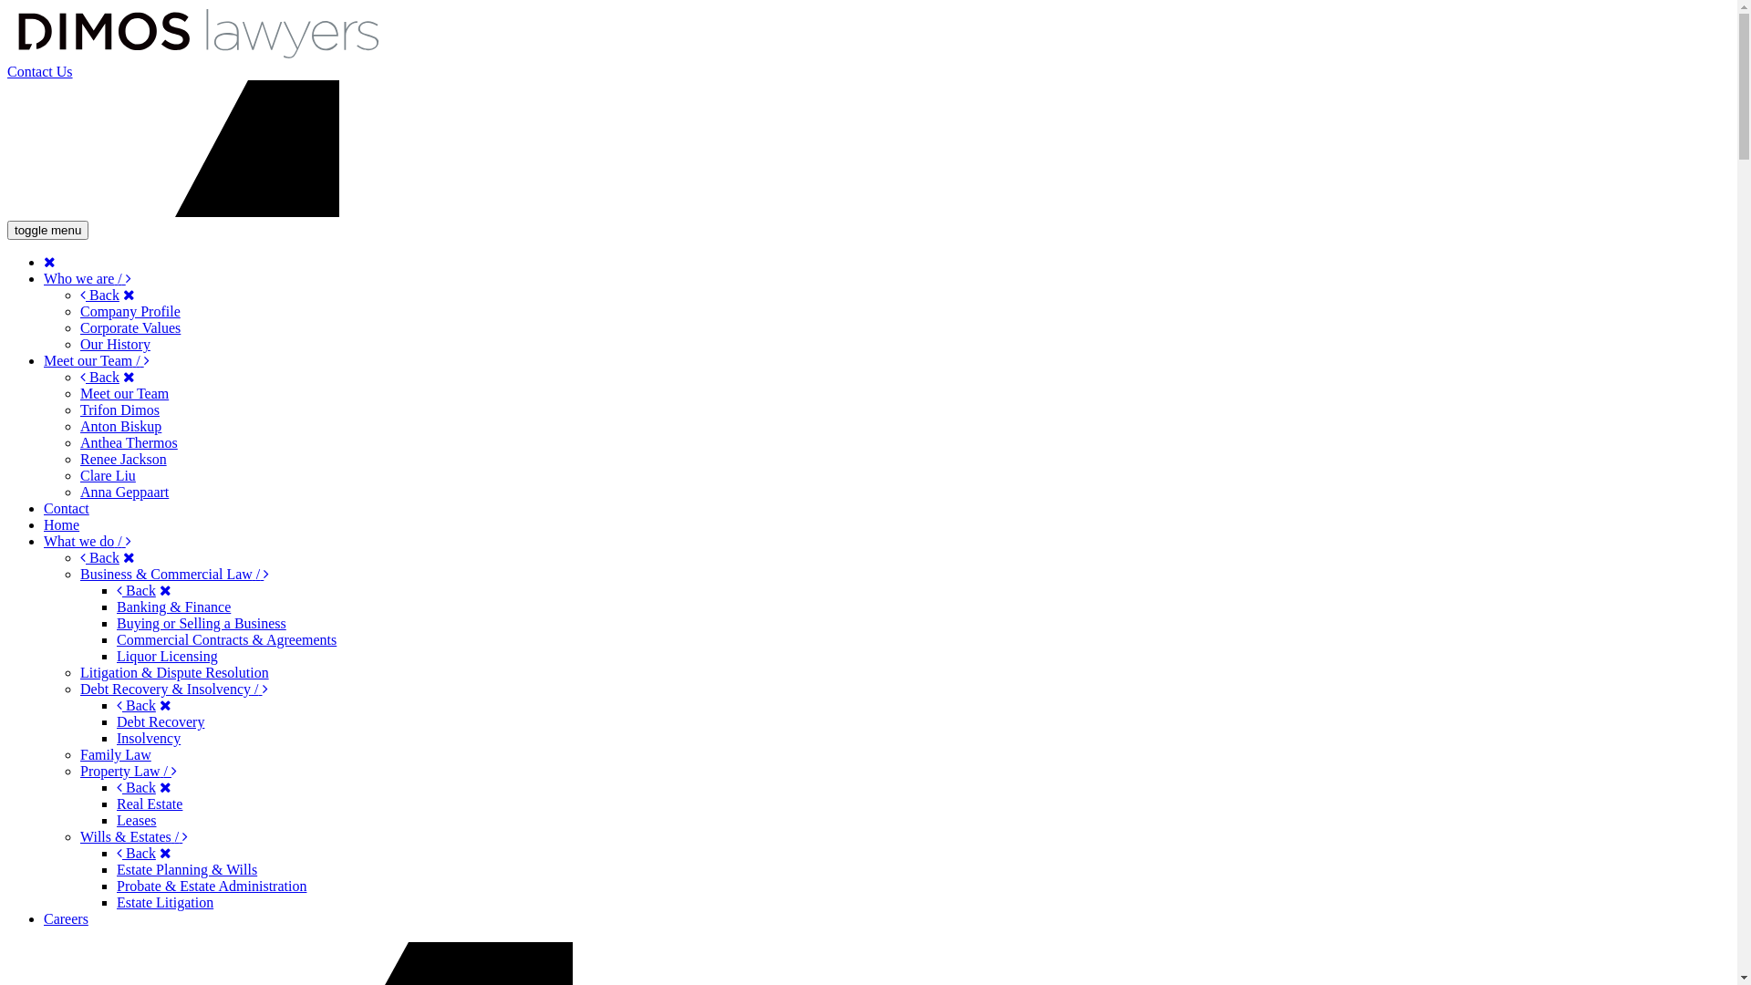 This screenshot has width=1751, height=985. I want to click on 'Estate Litigation', so click(116, 901).